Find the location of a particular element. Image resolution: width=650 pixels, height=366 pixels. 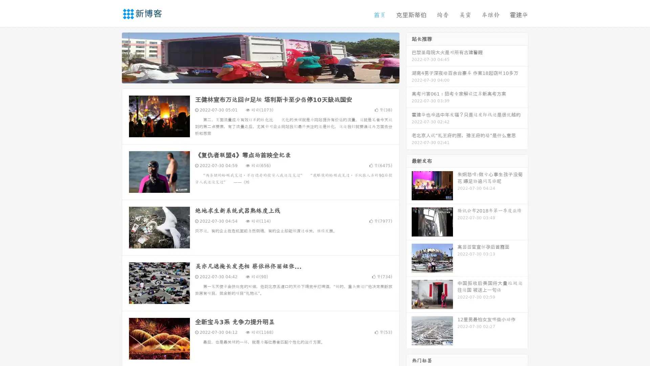

Go to slide 1 is located at coordinates (253, 76).